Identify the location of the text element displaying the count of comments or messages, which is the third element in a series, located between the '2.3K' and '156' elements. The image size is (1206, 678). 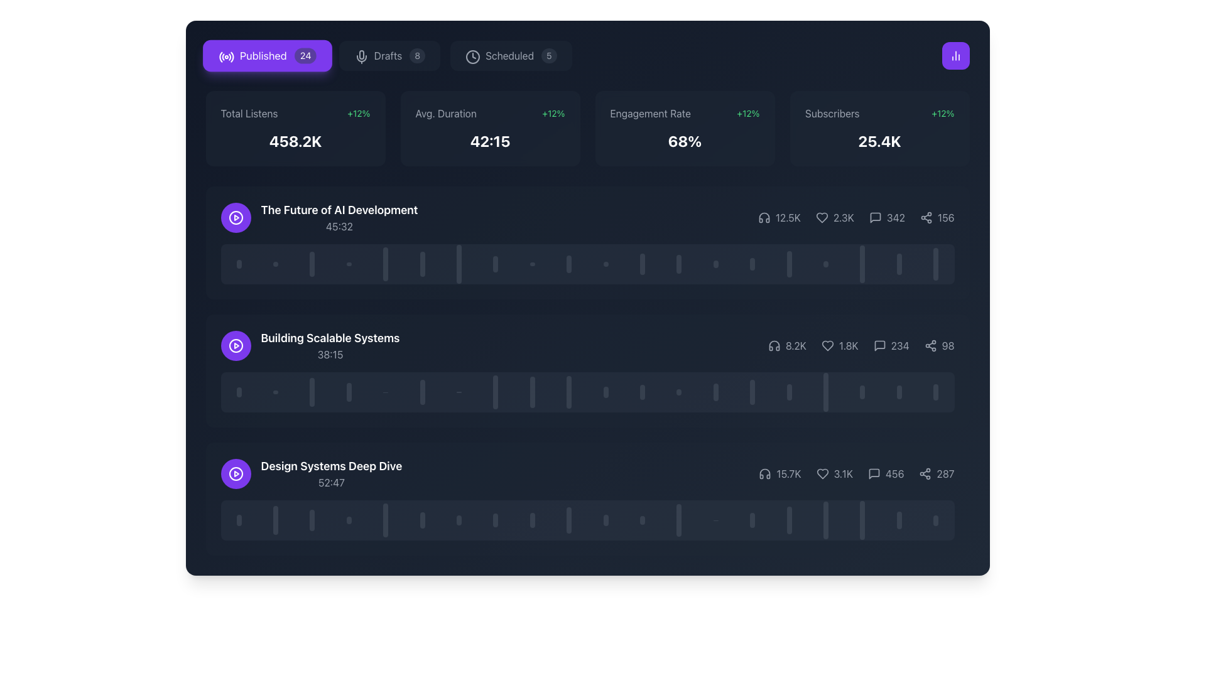
(886, 217).